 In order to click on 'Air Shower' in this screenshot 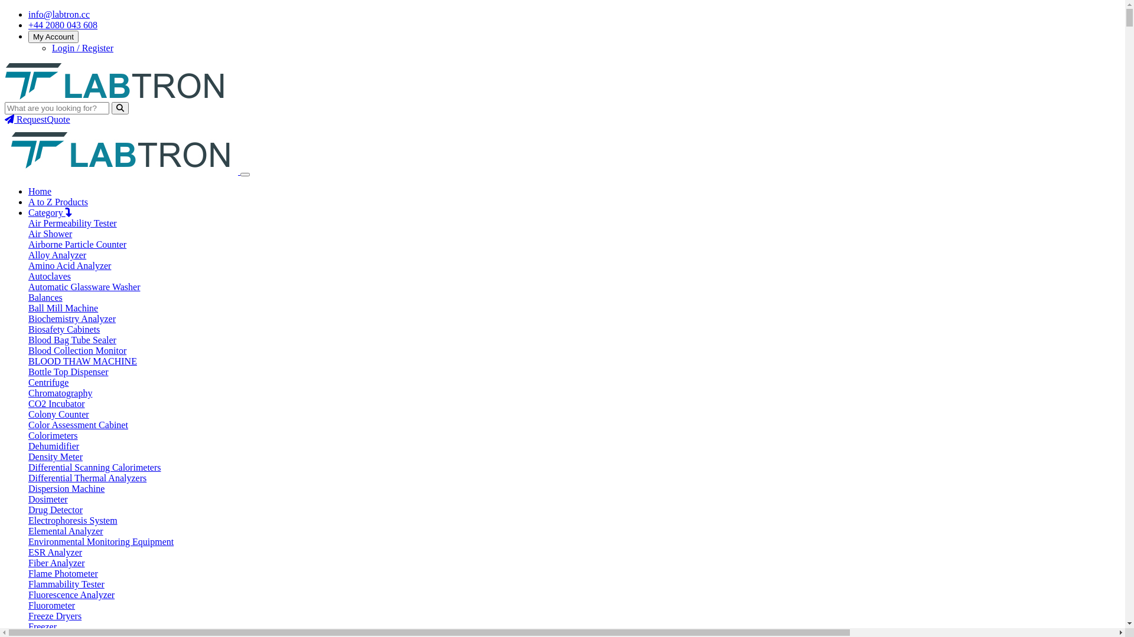, I will do `click(50, 234)`.